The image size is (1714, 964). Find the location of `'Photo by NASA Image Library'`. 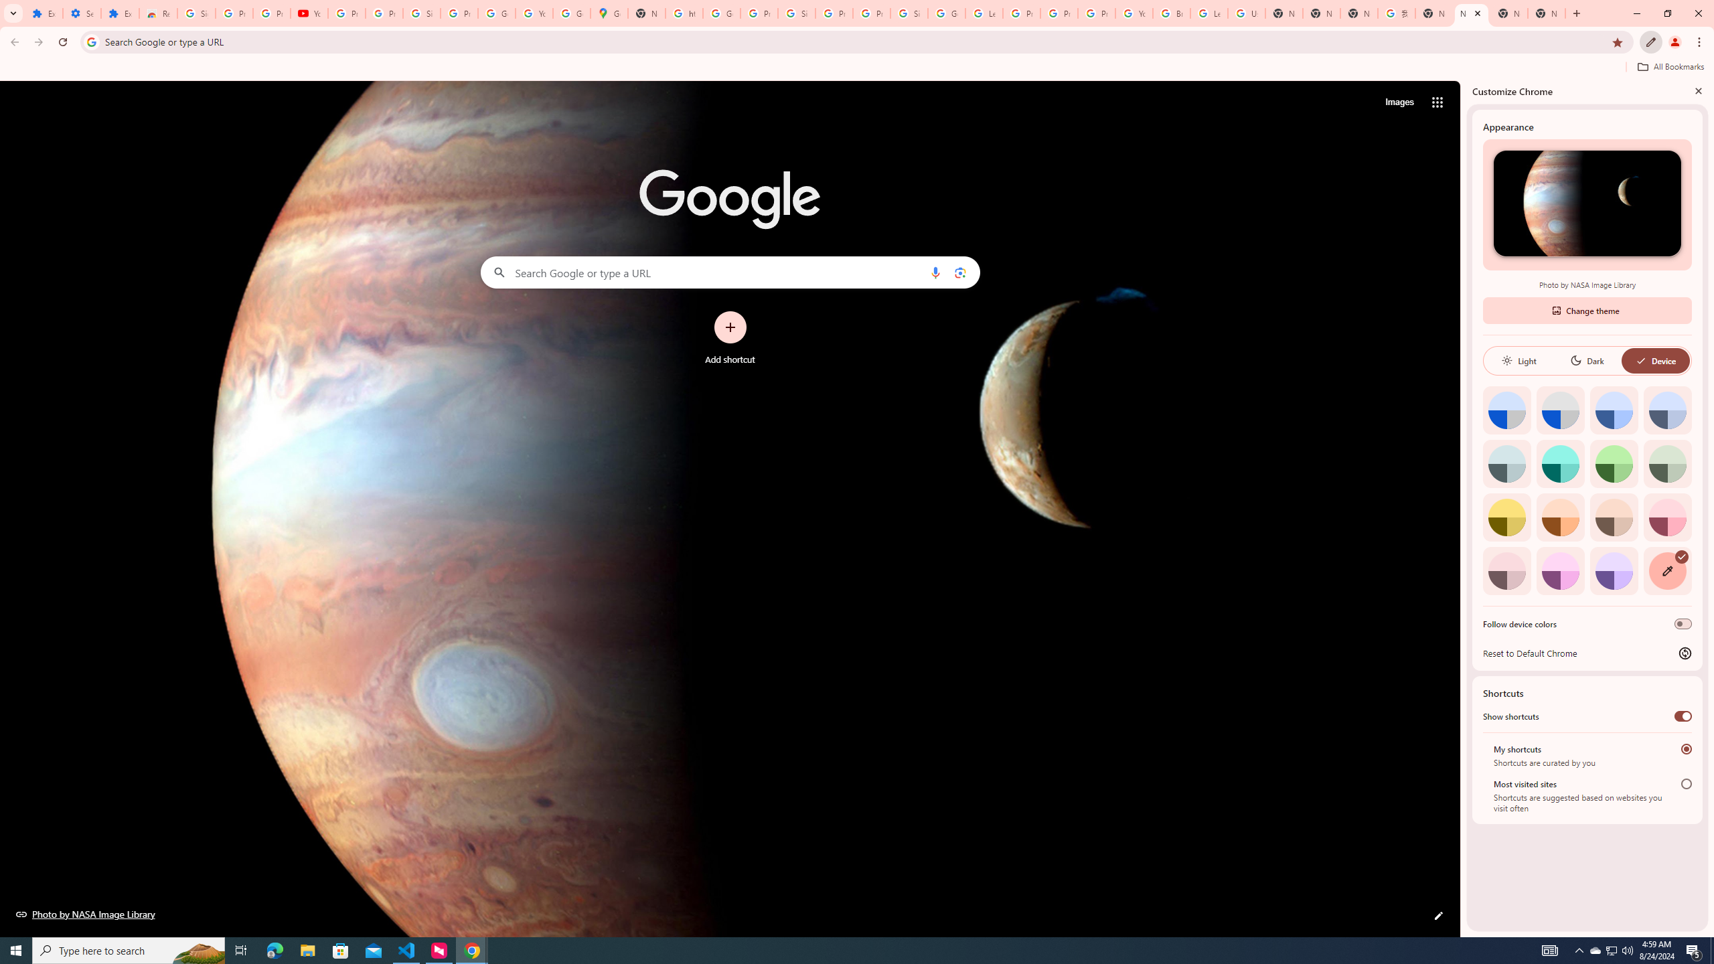

'Photo by NASA Image Library' is located at coordinates (1586, 203).